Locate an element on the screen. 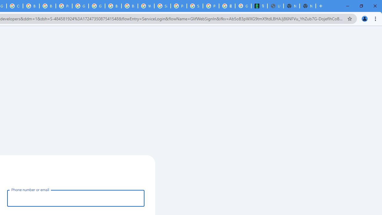  'Untitled' is located at coordinates (275, 6).